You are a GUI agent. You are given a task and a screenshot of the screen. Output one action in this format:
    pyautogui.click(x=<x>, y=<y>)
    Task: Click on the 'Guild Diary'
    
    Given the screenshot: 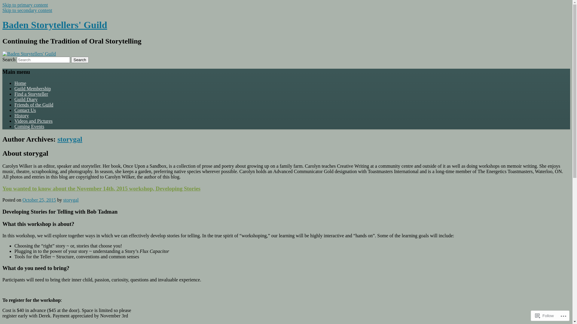 What is the action you would take?
    pyautogui.click(x=26, y=99)
    